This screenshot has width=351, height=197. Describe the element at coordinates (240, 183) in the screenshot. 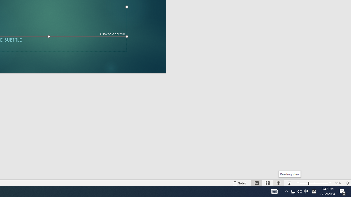

I see `'Notes '` at that location.